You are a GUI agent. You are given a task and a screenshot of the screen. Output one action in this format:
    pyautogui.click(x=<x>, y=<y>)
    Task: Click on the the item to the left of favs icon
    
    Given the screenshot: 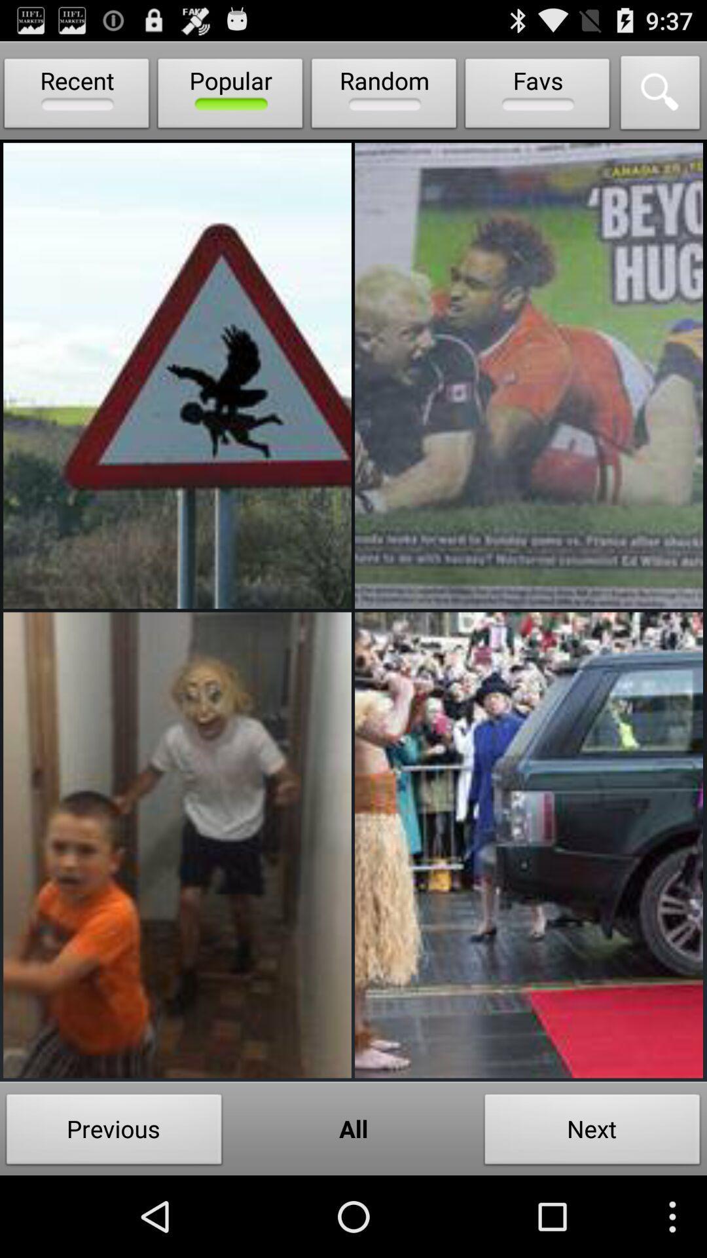 What is the action you would take?
    pyautogui.click(x=383, y=96)
    